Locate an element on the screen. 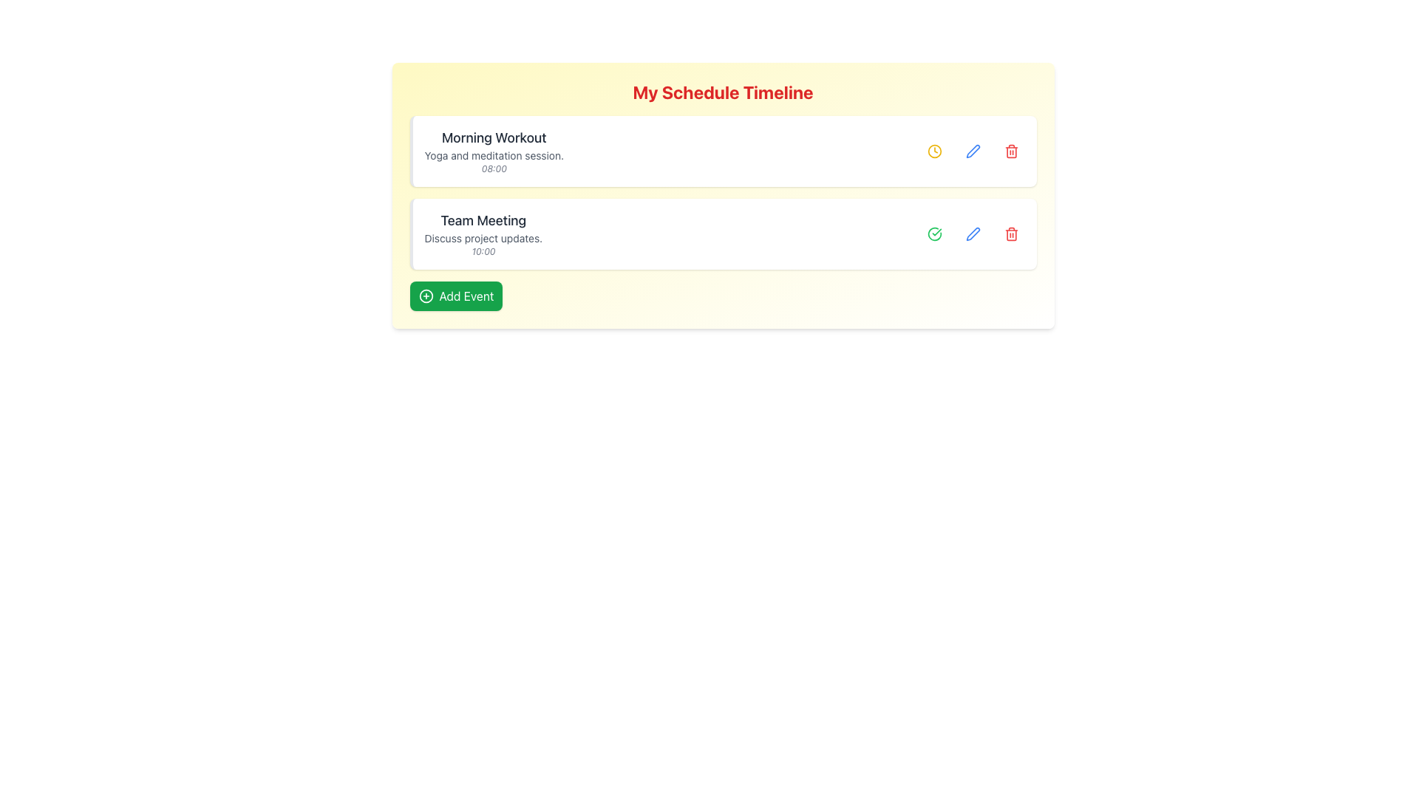 This screenshot has width=1419, height=798. any of the action icons located on the right side of the scheduled event titled 'Team Meeting', which is the second item in the list under 'Morning Workout' is located at coordinates (723, 233).